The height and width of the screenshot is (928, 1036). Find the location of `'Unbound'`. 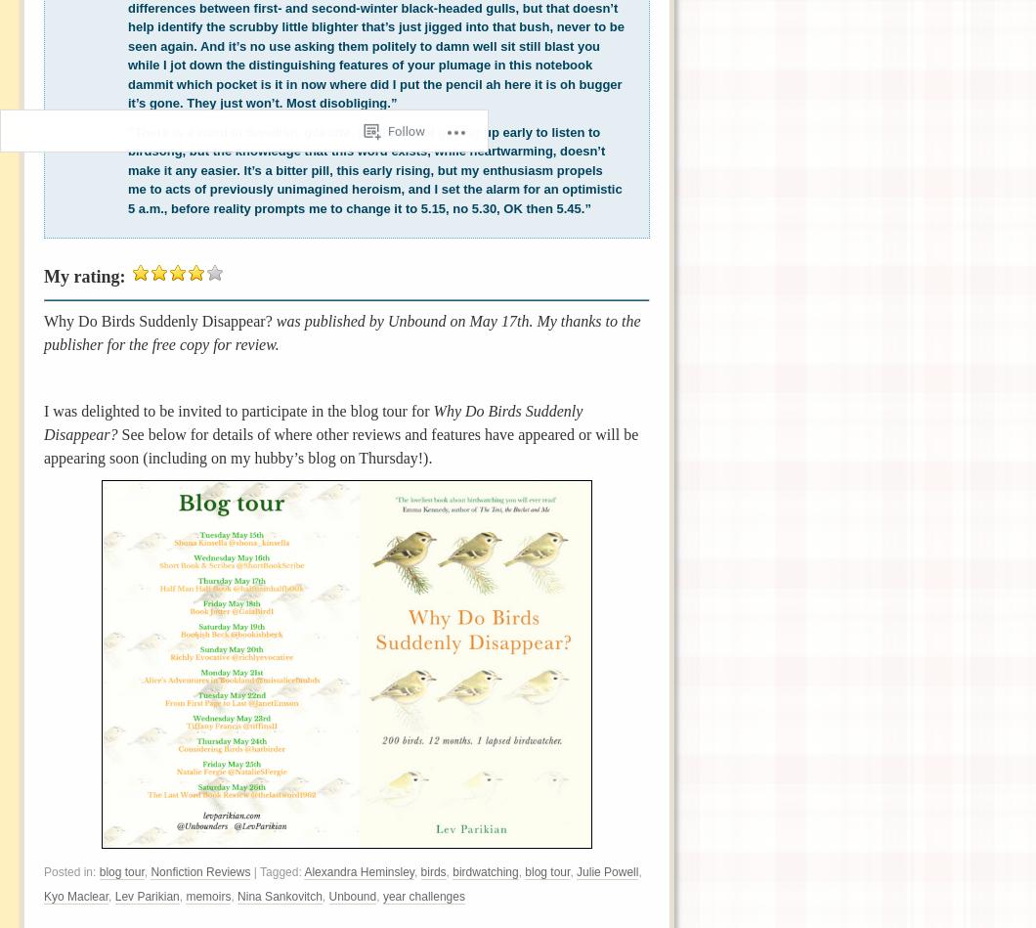

'Unbound' is located at coordinates (352, 896).